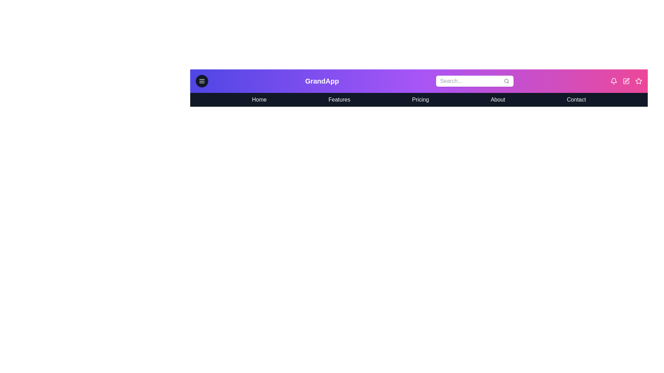 The image size is (664, 373). Describe the element at coordinates (576, 100) in the screenshot. I see `the navigation menu item labeled Contact` at that location.